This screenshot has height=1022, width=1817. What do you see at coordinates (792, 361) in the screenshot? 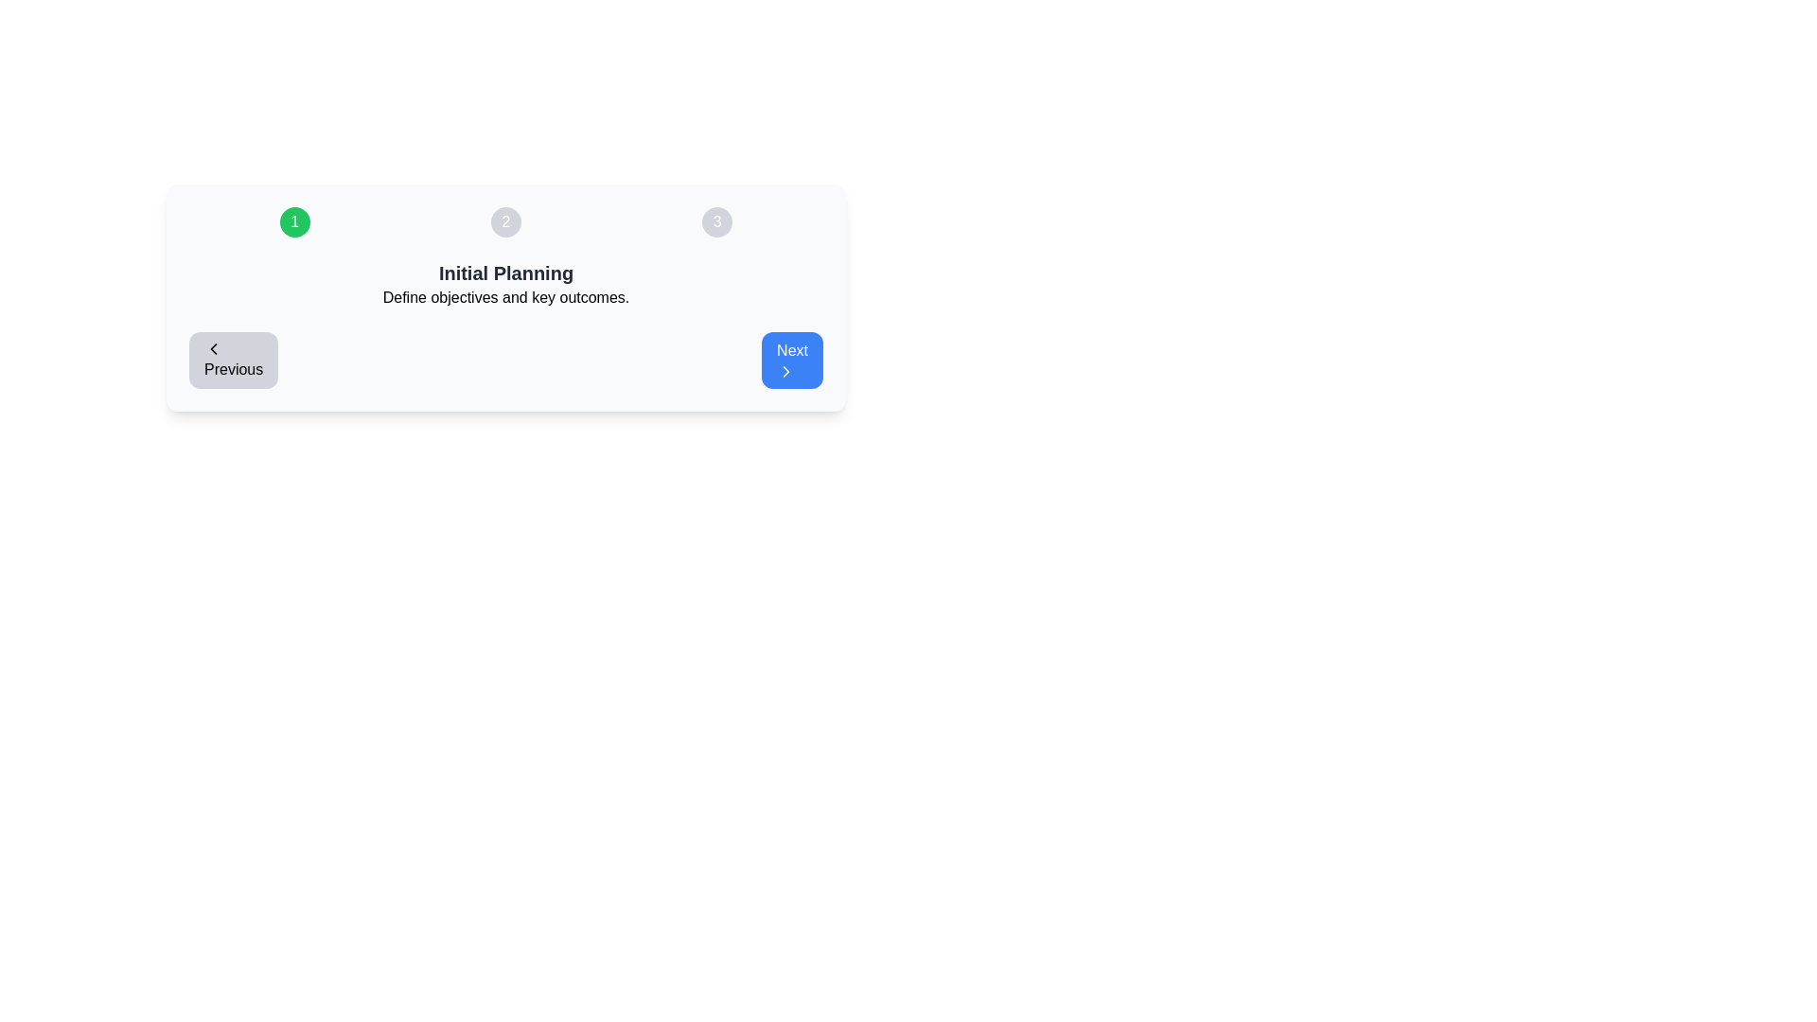
I see `the 'Next' button` at bounding box center [792, 361].